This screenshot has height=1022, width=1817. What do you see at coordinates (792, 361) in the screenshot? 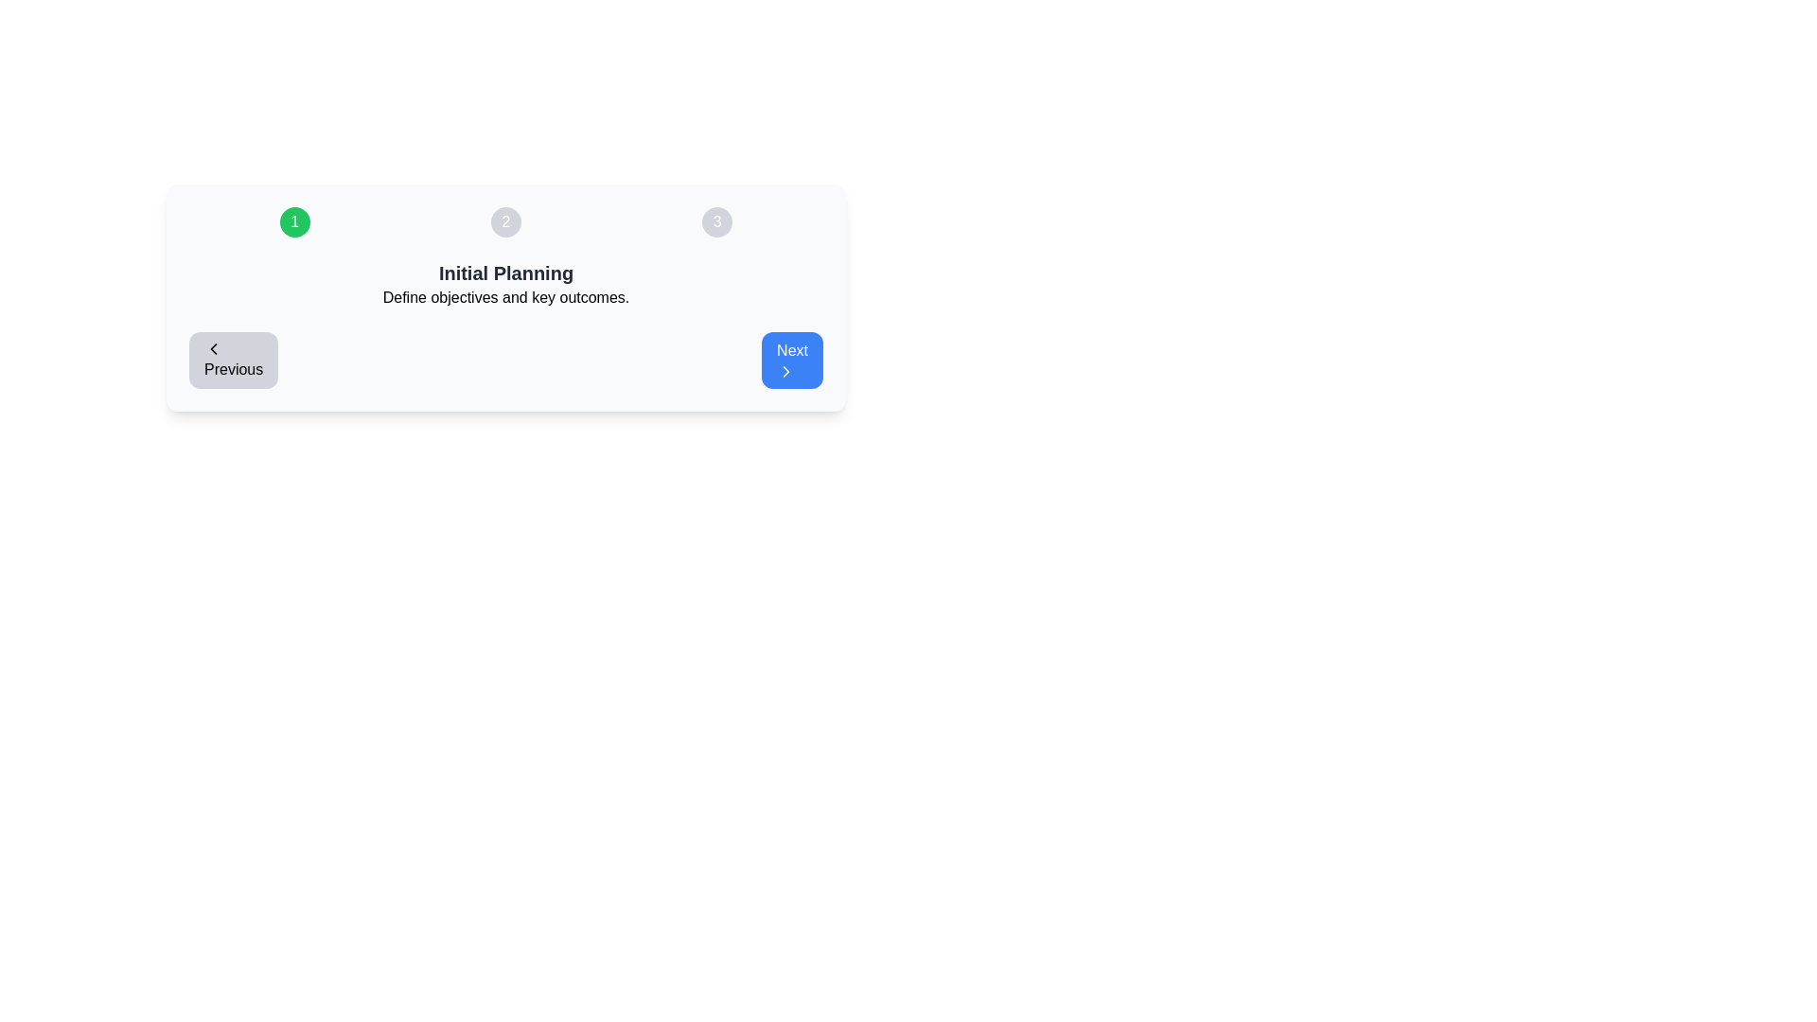
I see `the 'Next' button` at bounding box center [792, 361].